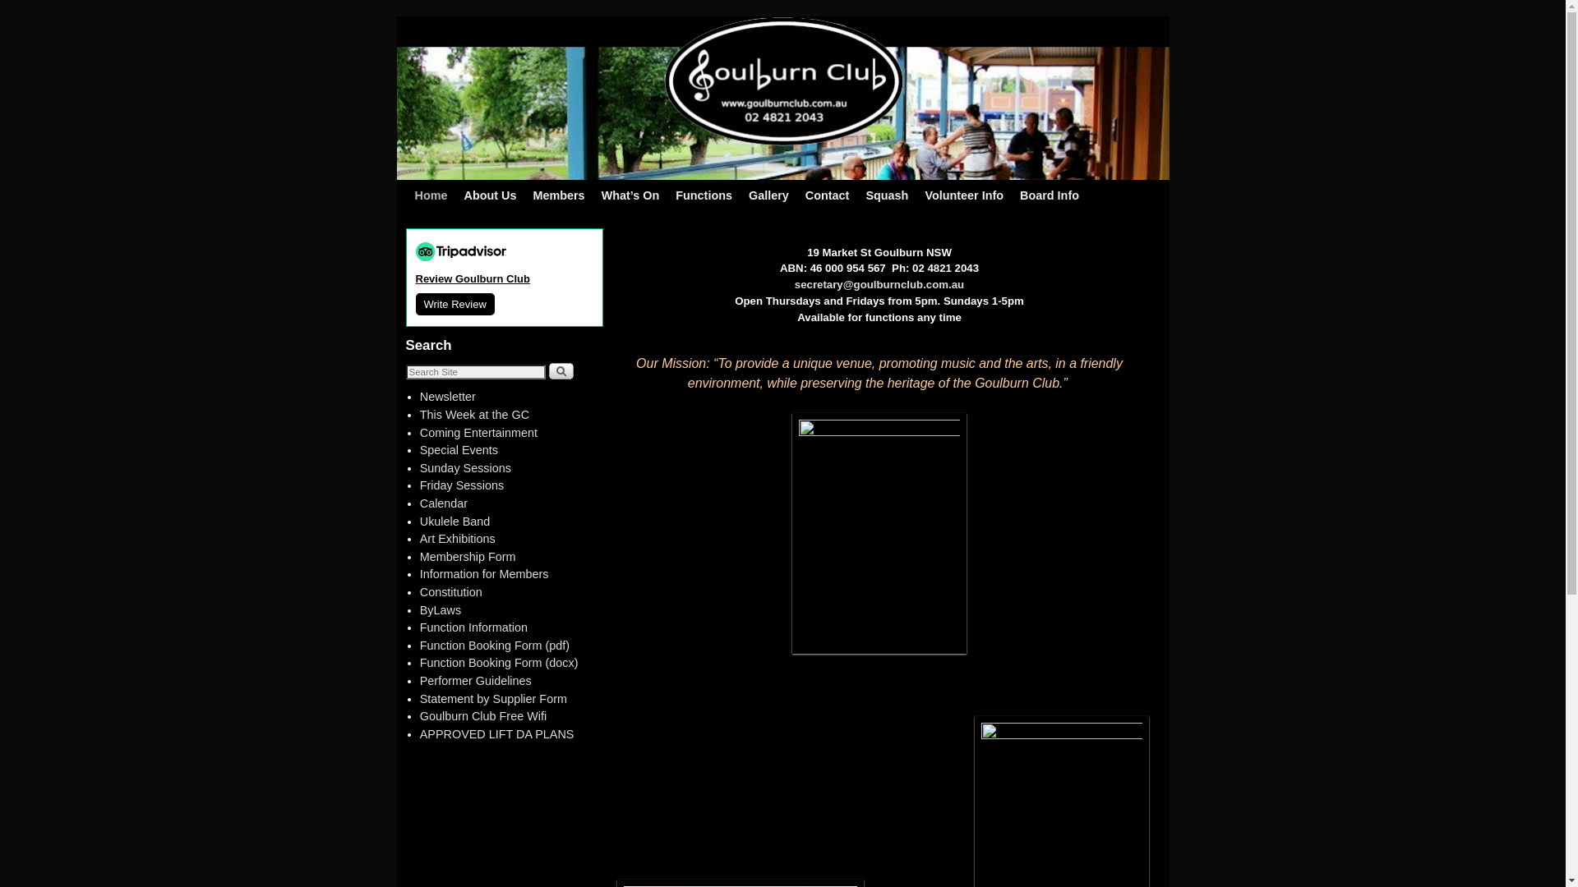 The width and height of the screenshot is (1578, 887). I want to click on 'Function Booking Form (pdf)', so click(493, 645).